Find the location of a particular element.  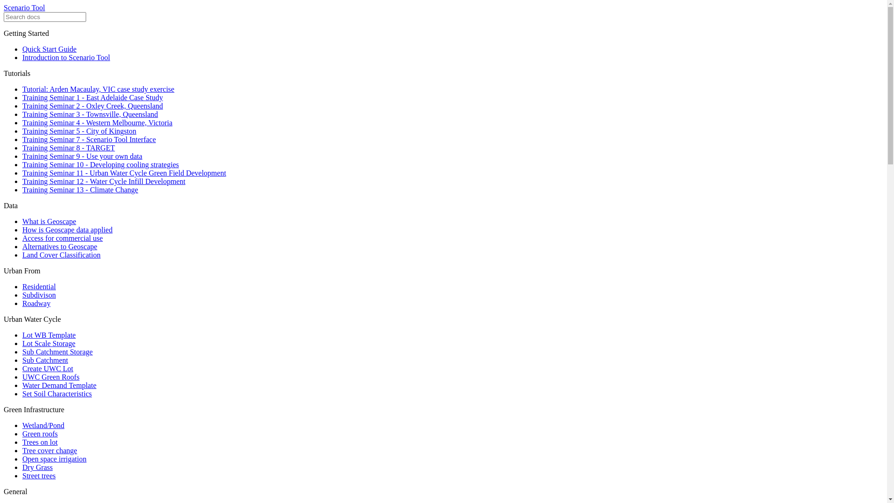

'Training Seminar 7 - Scenario Tool Interface' is located at coordinates (89, 139).